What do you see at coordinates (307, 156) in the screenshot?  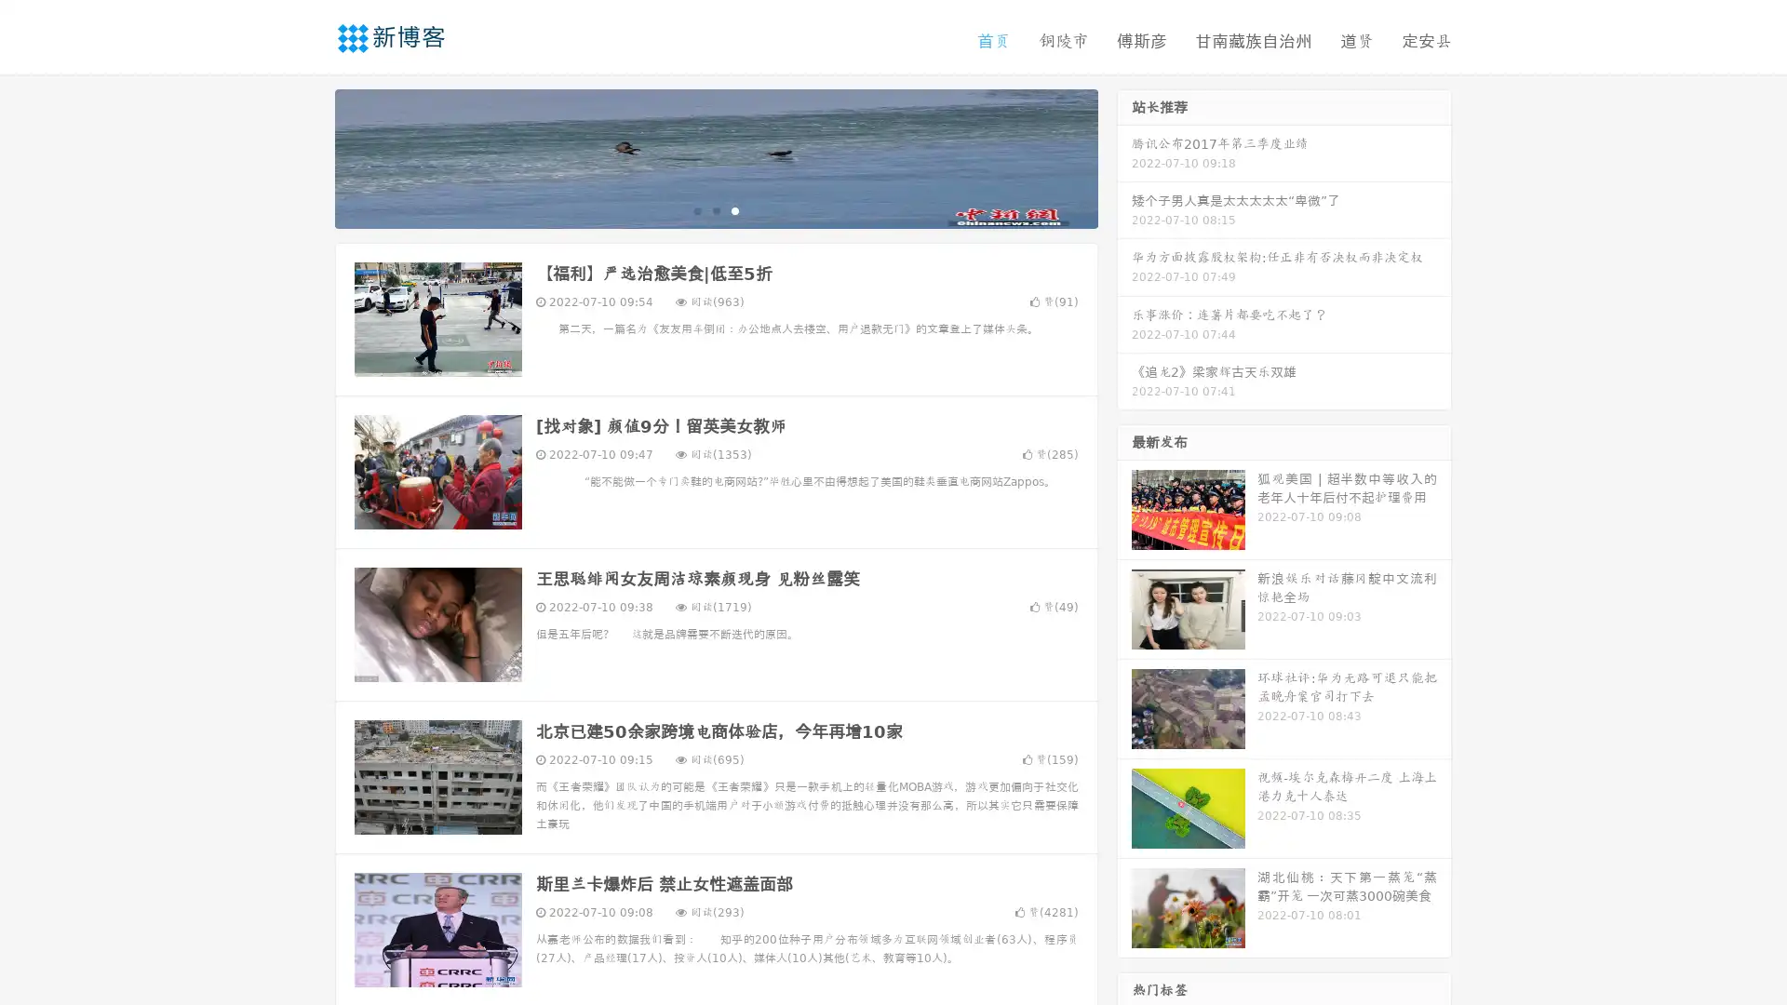 I see `Previous slide` at bounding box center [307, 156].